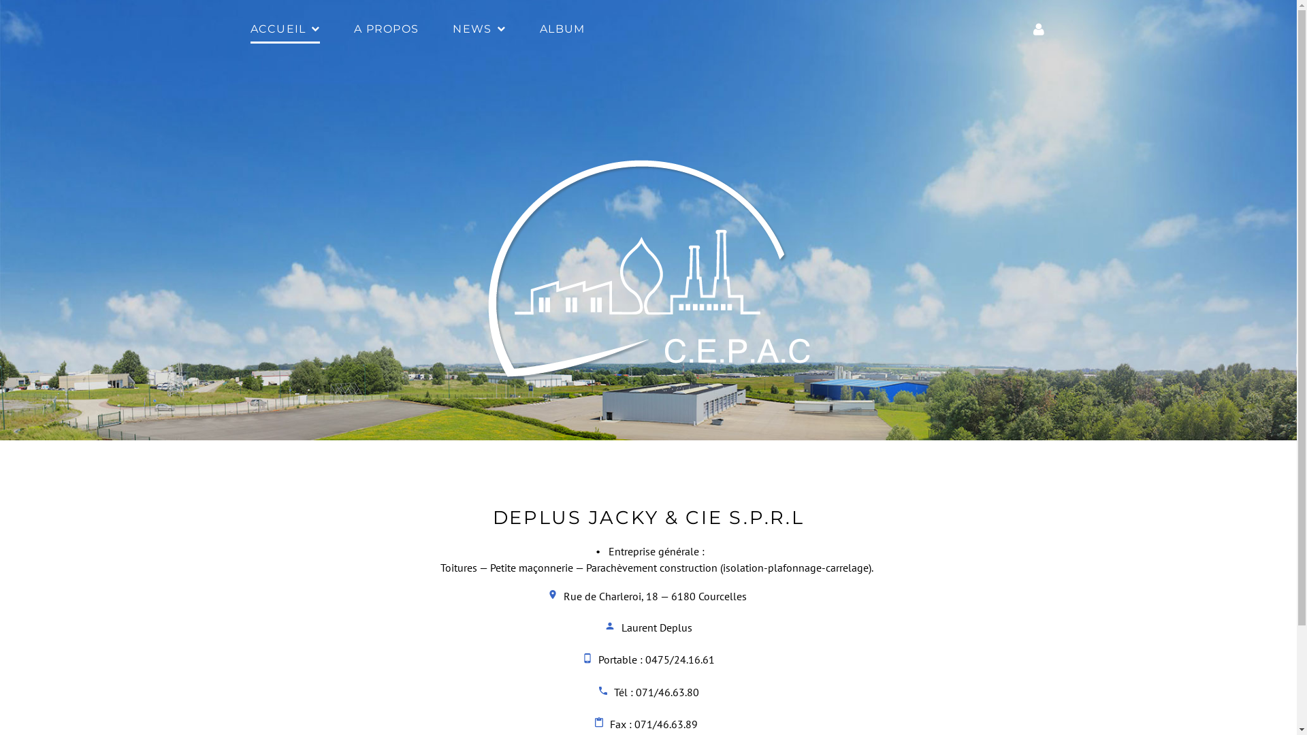 Image resolution: width=1307 pixels, height=735 pixels. Describe the element at coordinates (562, 30) in the screenshot. I see `'ALBUM'` at that location.